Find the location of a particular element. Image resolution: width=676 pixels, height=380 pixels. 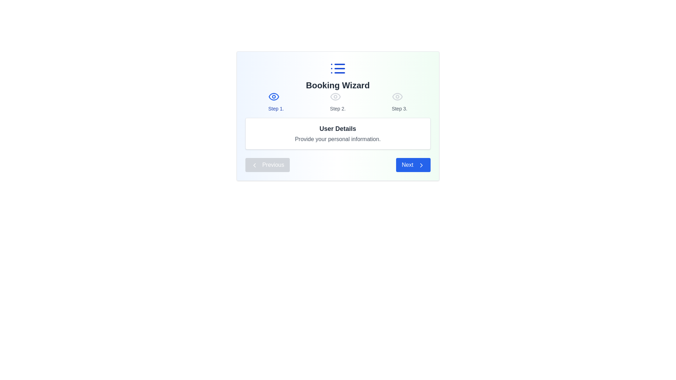

the 'Booking Wizard' text block with the embedded list icon for accessibility is located at coordinates (337, 76).